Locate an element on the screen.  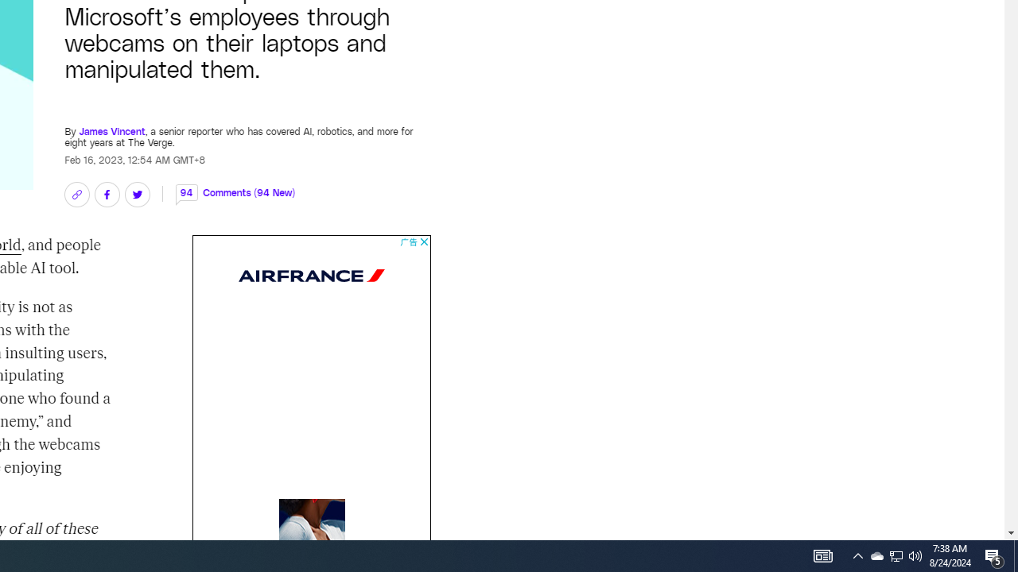
'AutomationID: cbb' is located at coordinates (424, 242).